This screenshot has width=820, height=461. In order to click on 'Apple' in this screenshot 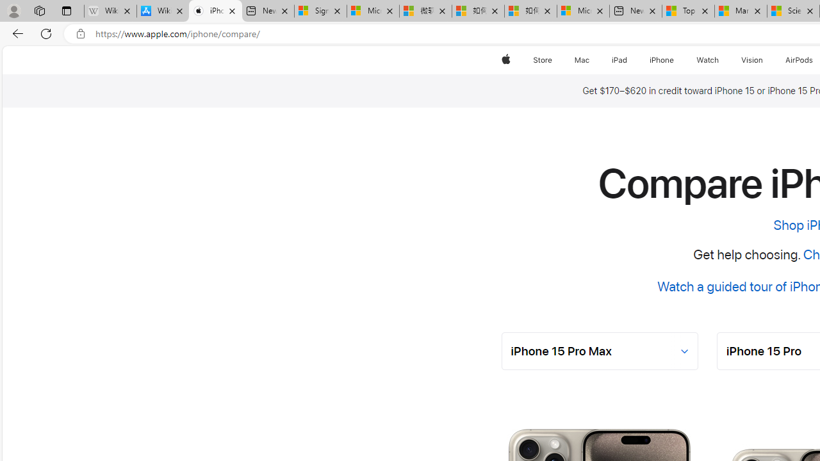, I will do `click(505, 60)`.